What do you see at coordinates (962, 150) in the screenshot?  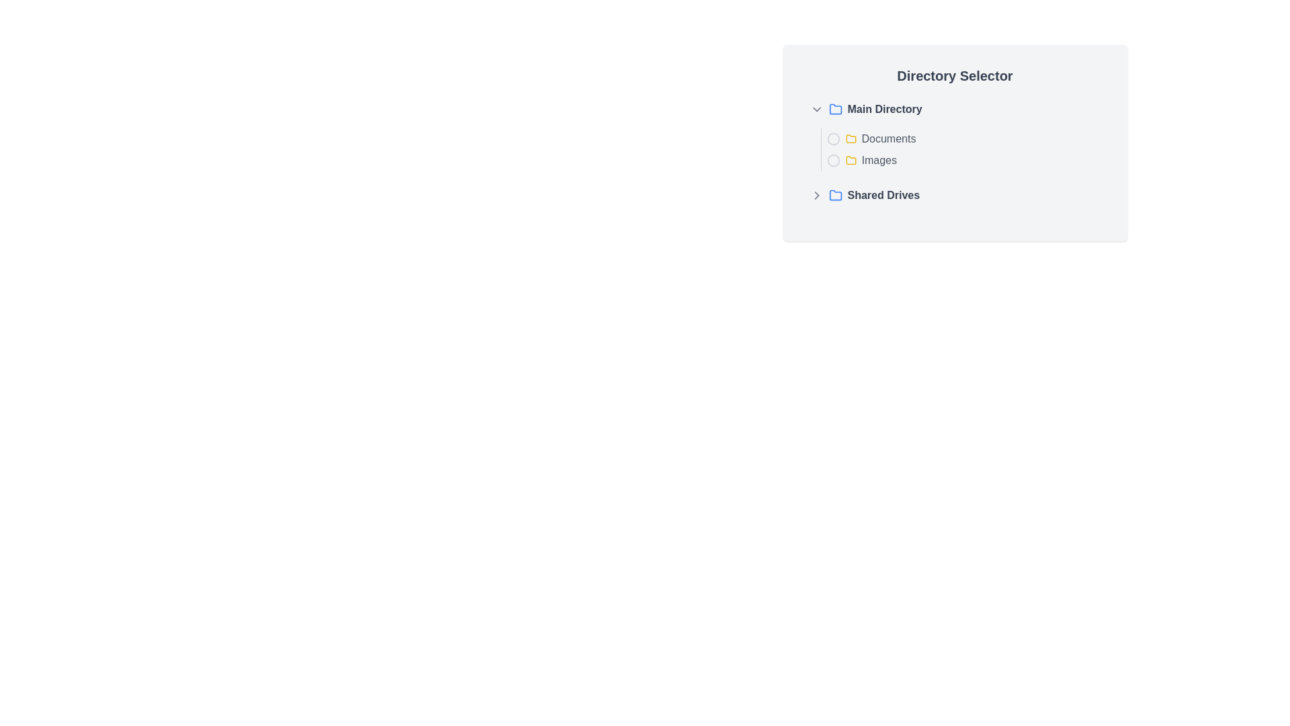 I see `the 'Directory Selector' panel containing the 'Documents' and 'Images' radio buttons` at bounding box center [962, 150].